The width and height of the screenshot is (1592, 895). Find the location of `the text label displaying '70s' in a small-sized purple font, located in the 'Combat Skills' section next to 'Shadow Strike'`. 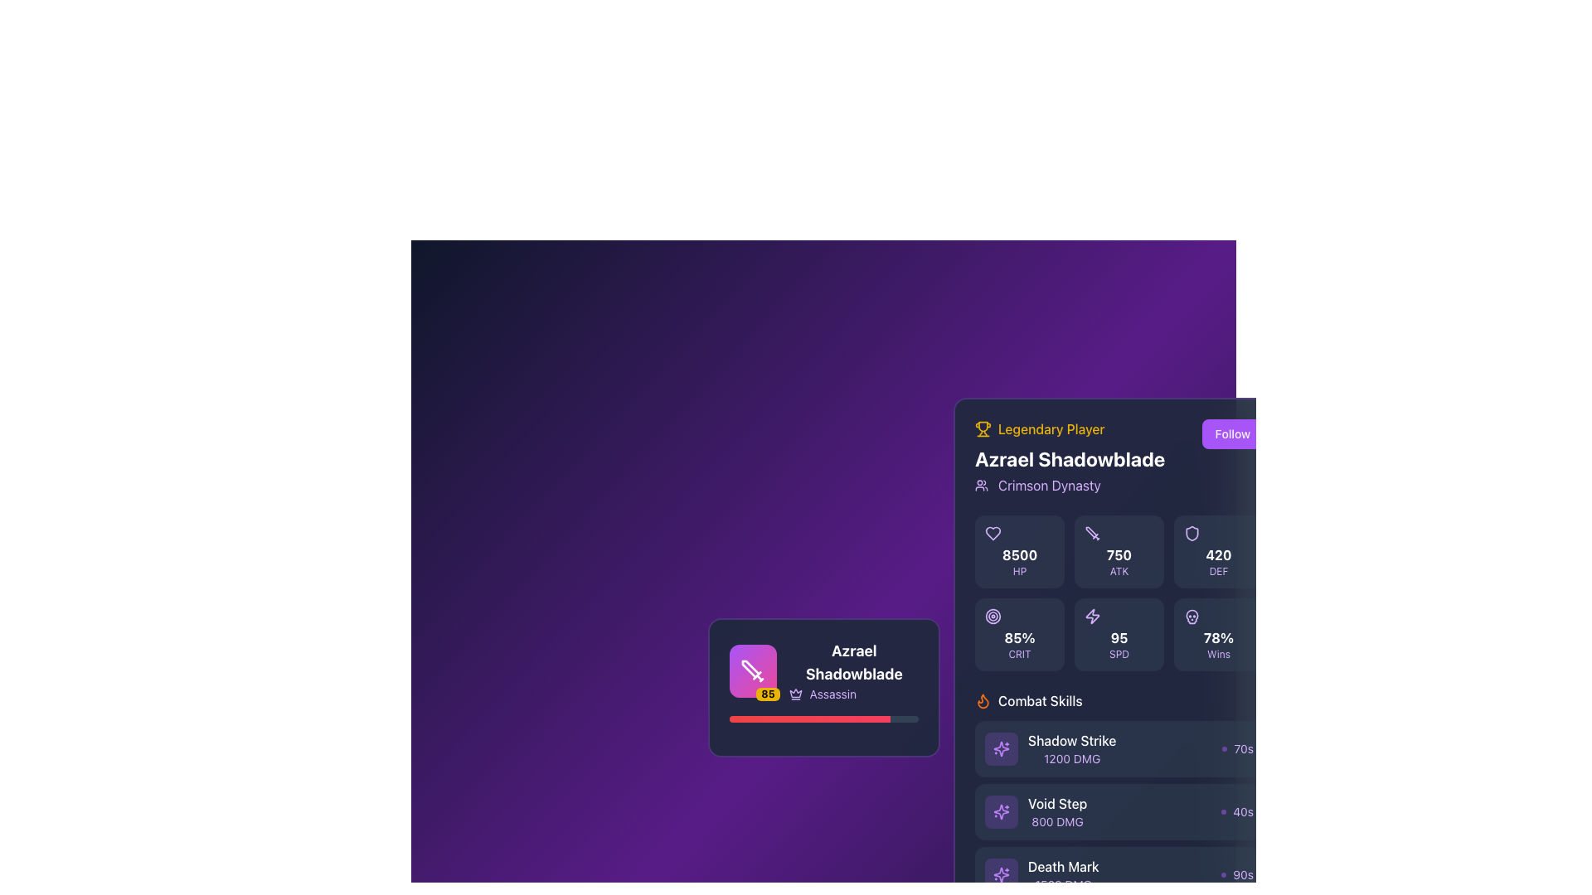

the text label displaying '70s' in a small-sized purple font, located in the 'Combat Skills' section next to 'Shadow Strike' is located at coordinates (1243, 748).